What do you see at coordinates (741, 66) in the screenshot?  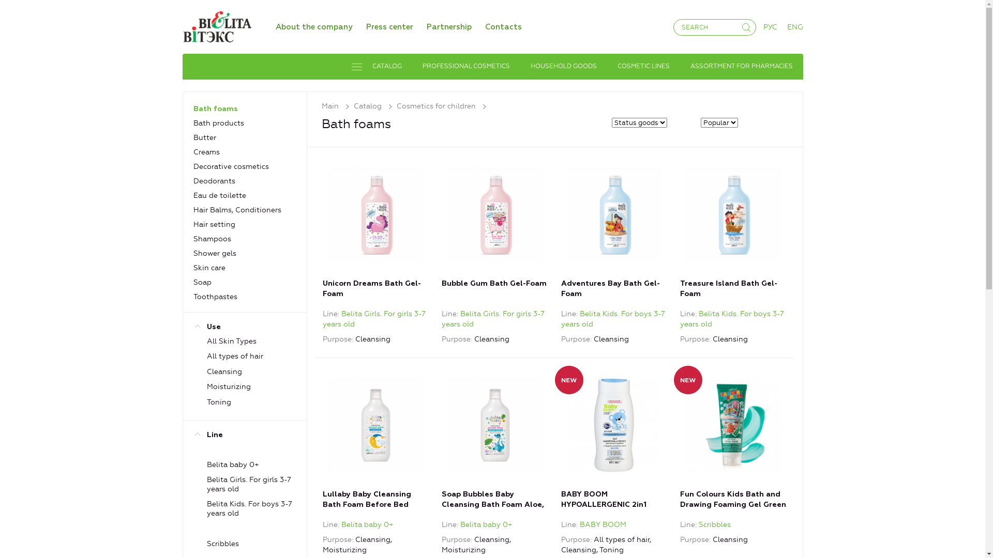 I see `'ASSORTMENT FOR PHARMACIES'` at bounding box center [741, 66].